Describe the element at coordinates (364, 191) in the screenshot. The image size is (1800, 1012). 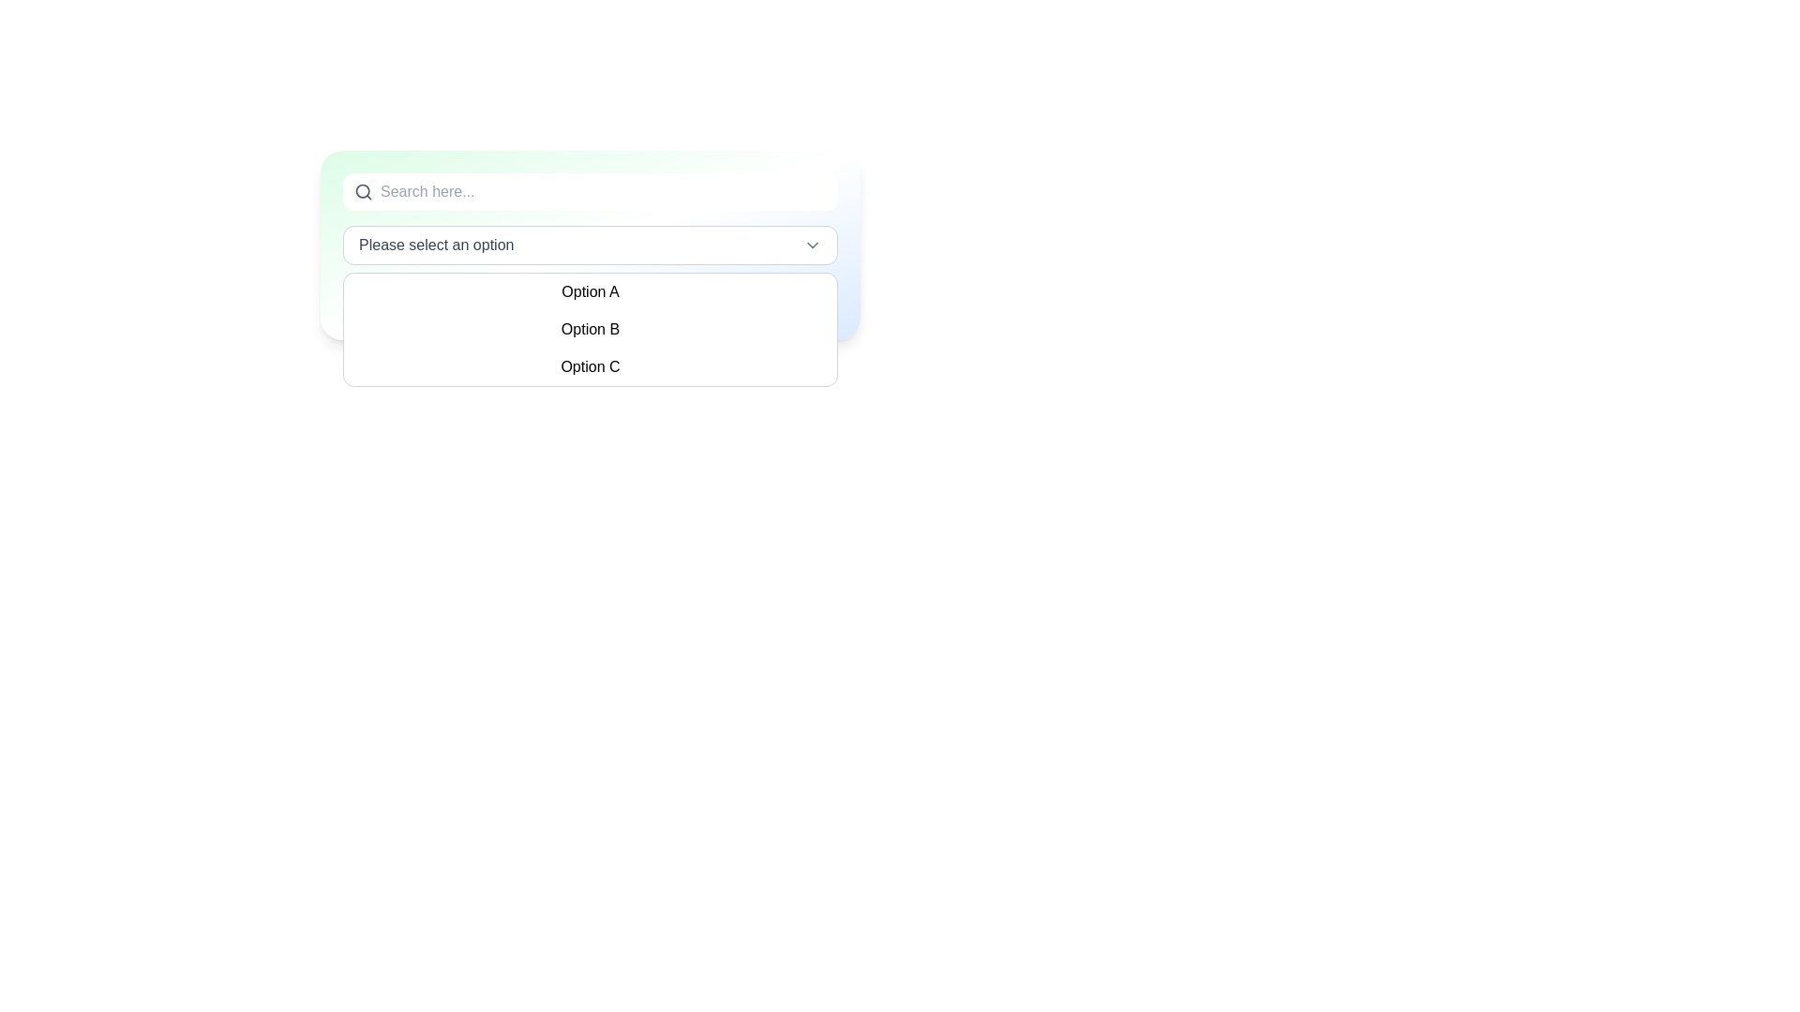
I see `the magnifying glass icon that indicates the search function, located to the left of the search input field` at that location.